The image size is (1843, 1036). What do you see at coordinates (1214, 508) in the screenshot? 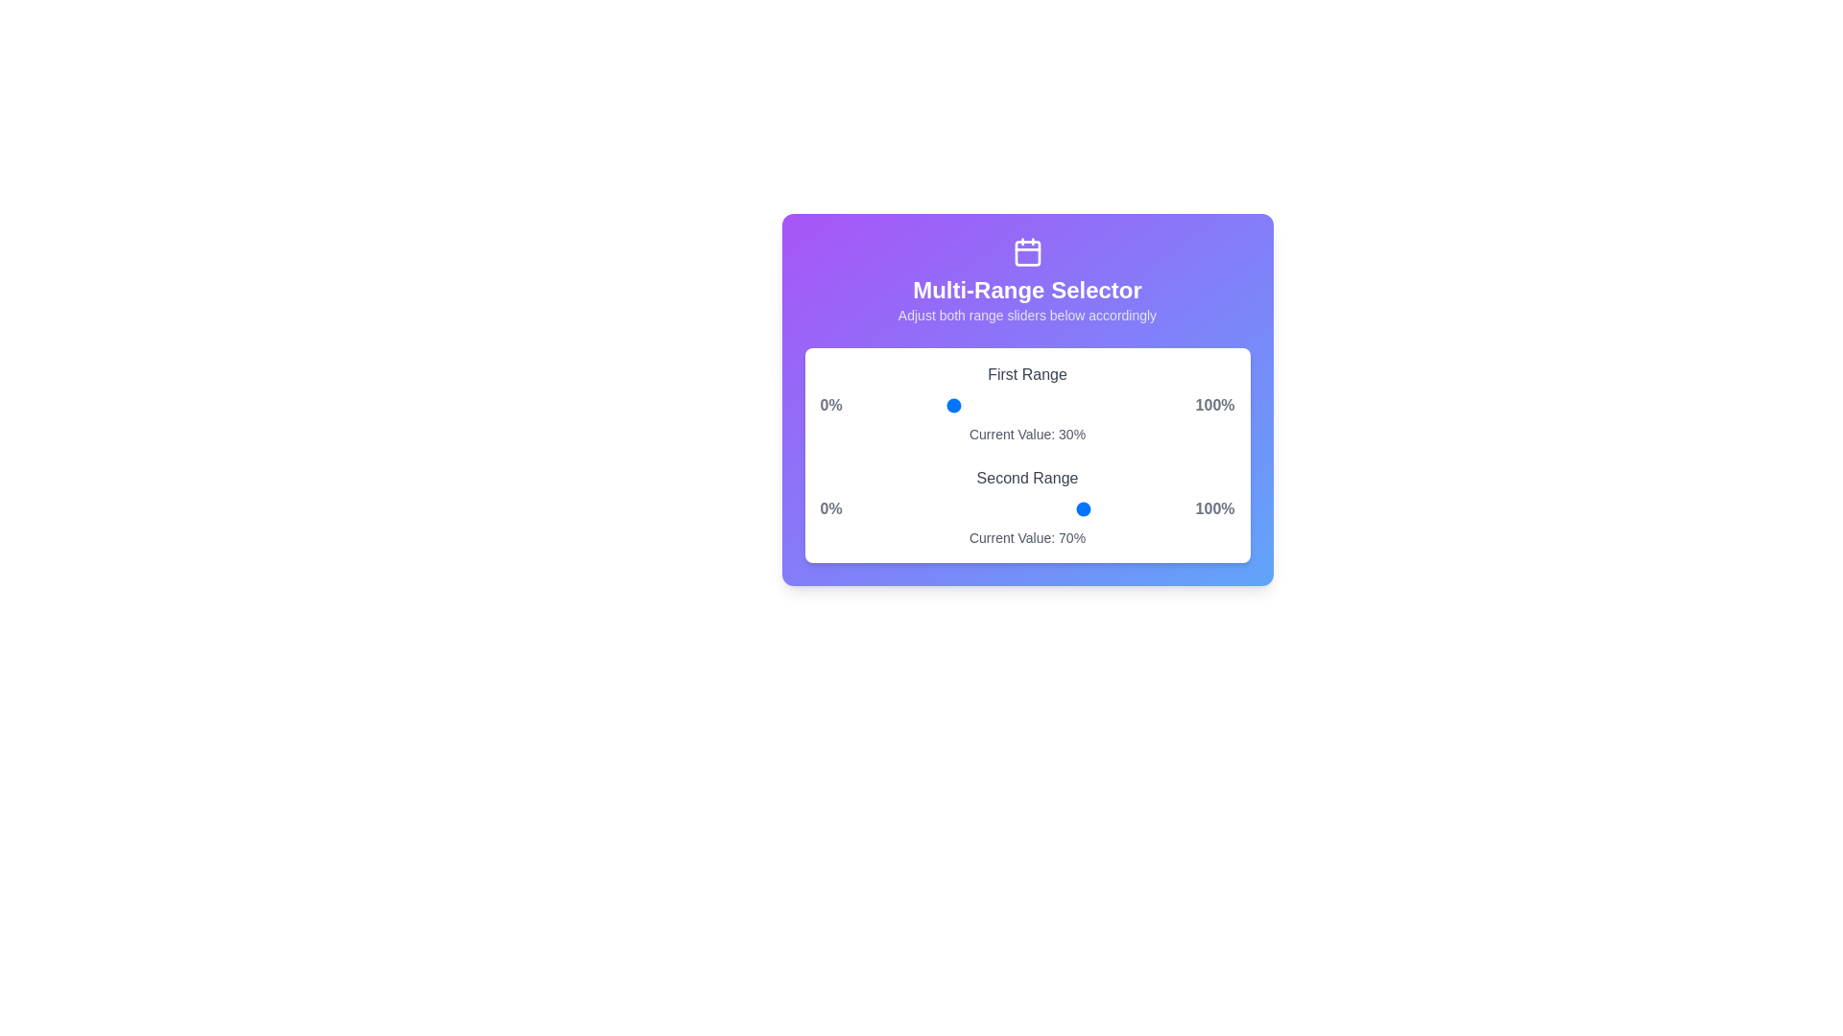
I see `the static text label displaying '100%' in gray color, located at the right end of the range slider for 'Second Range'` at bounding box center [1214, 508].